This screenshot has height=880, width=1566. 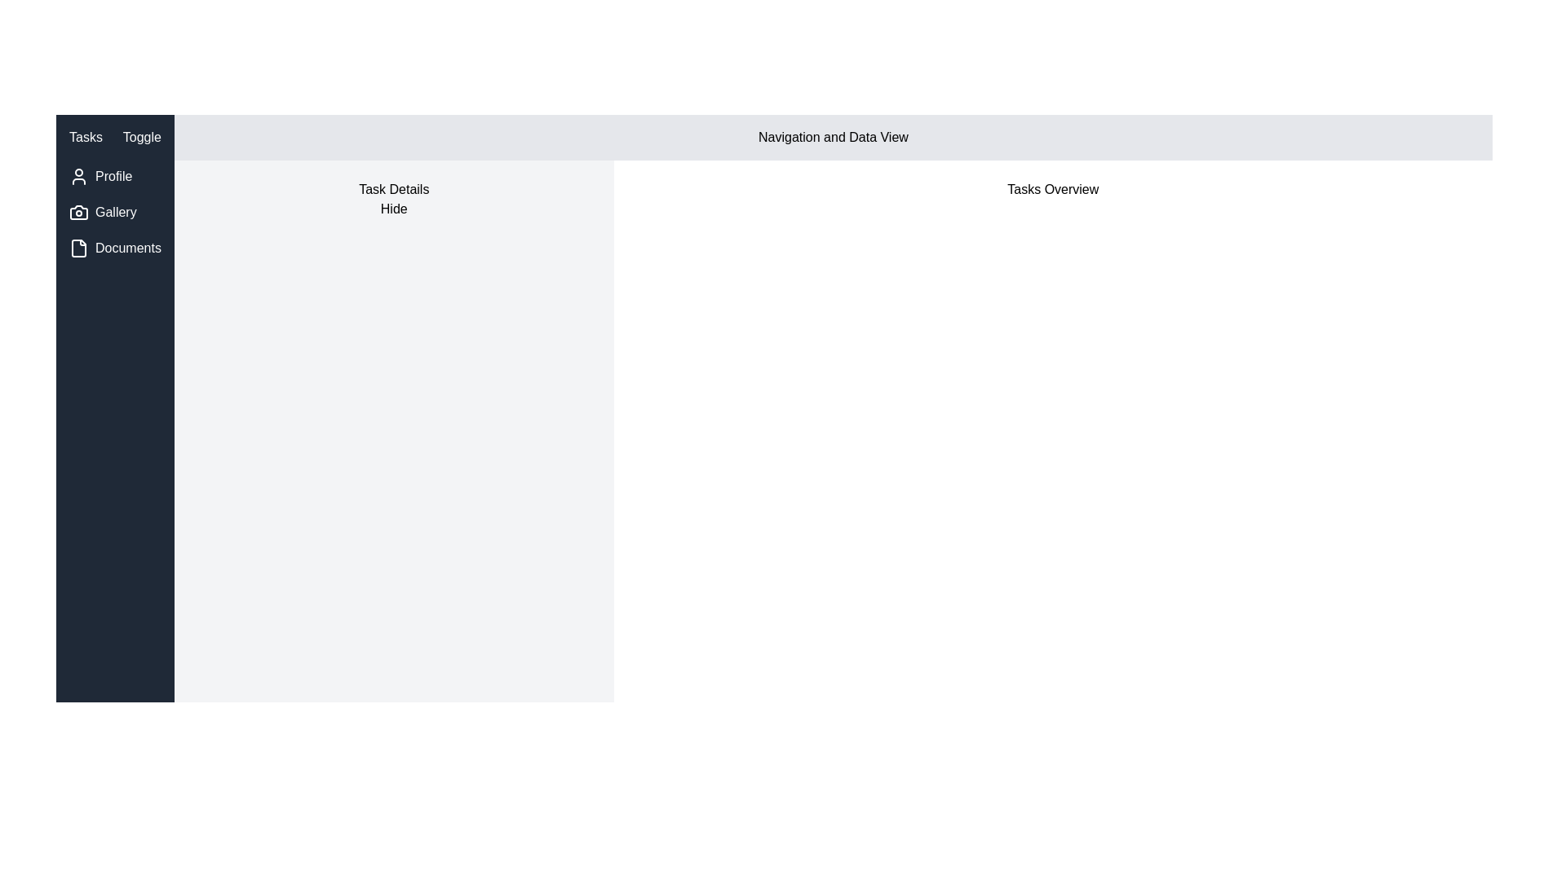 I want to click on the stylized paper icon located in the vertical navigation panel, fourth from the top, adjacent to the 'Documents' label, so click(x=77, y=248).